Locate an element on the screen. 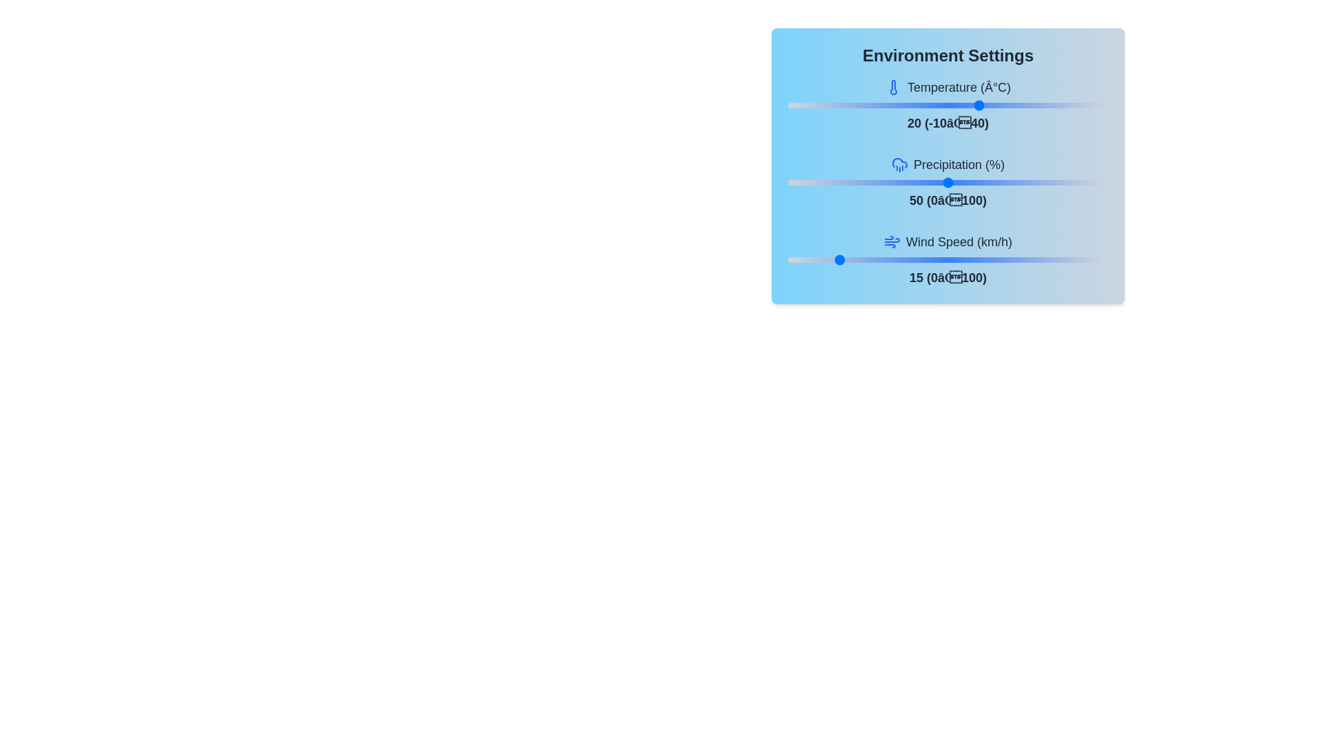  the temperature is located at coordinates (1069, 105).